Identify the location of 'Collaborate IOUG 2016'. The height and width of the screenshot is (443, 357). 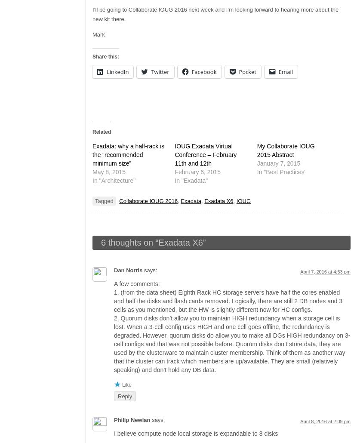
(148, 200).